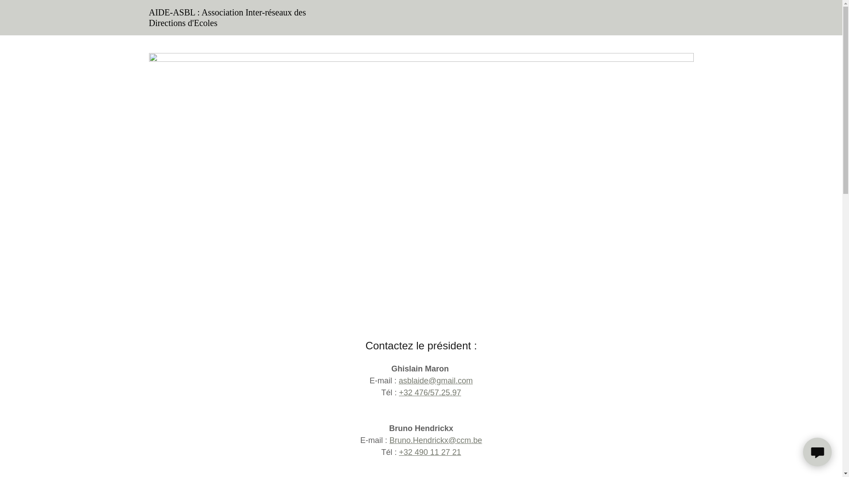  What do you see at coordinates (436, 380) in the screenshot?
I see `'asblaide@gmail.com'` at bounding box center [436, 380].